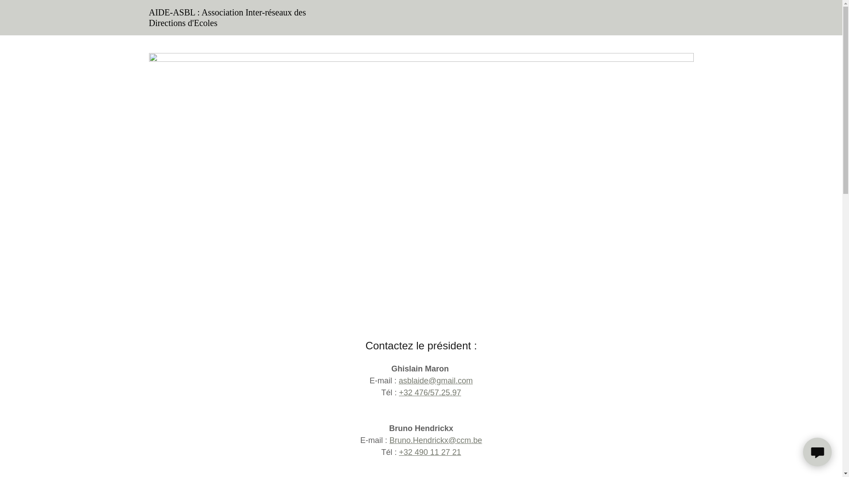  What do you see at coordinates (436, 380) in the screenshot?
I see `'asblaide@gmail.com'` at bounding box center [436, 380].